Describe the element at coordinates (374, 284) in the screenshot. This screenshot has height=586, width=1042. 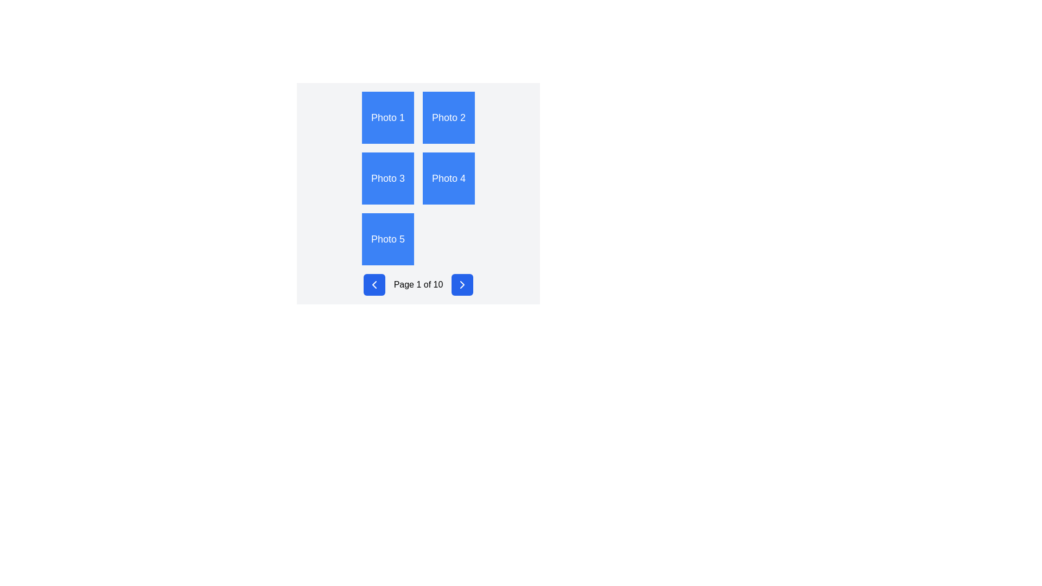
I see `the 'previous page' icon located at the bottom left of the viewport` at that location.